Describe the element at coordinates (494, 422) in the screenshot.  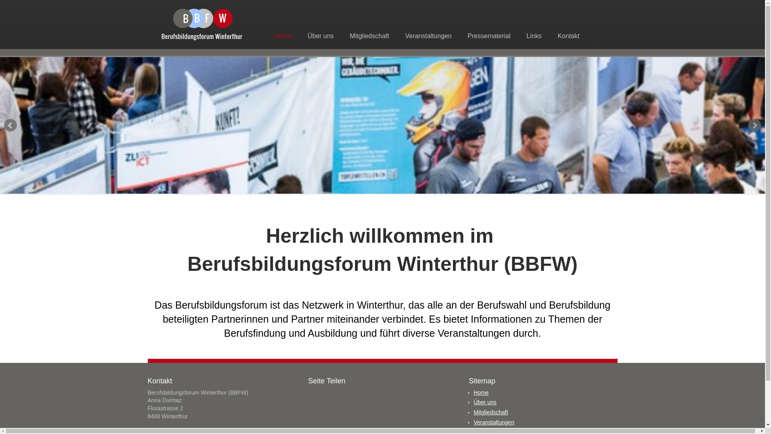
I see `'Veranstaltungen'` at that location.